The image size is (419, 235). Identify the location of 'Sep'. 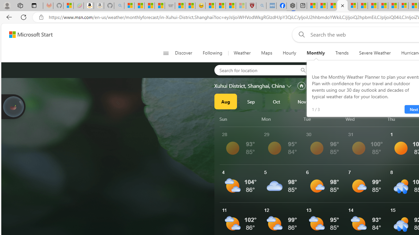
(251, 102).